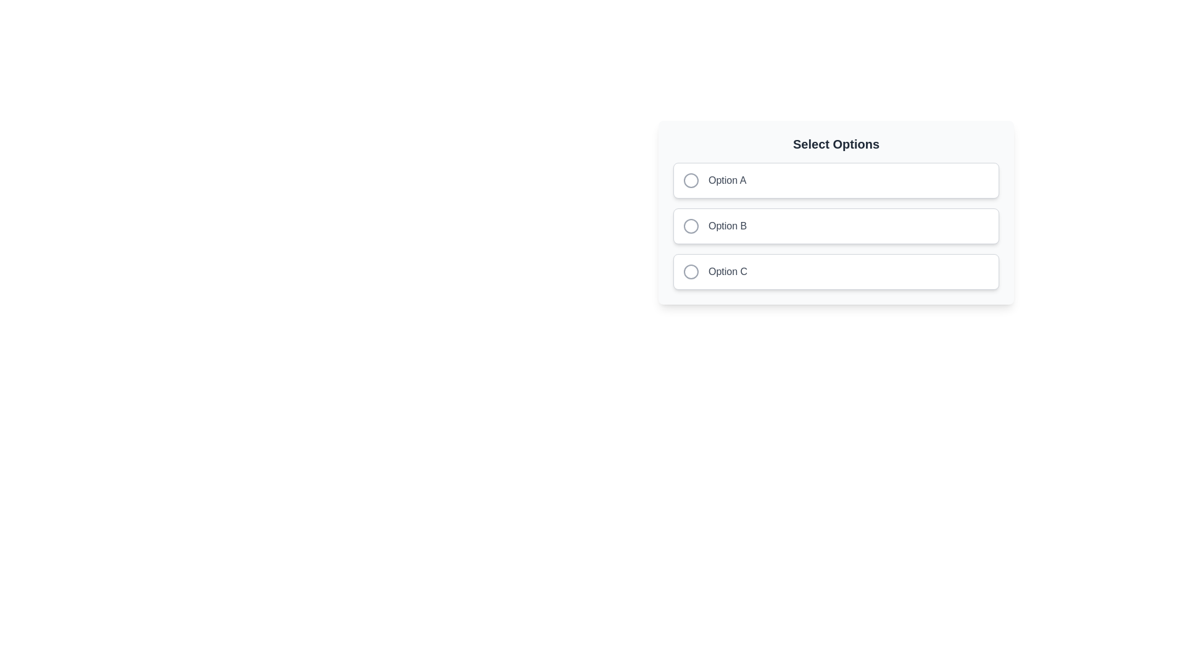 This screenshot has height=666, width=1185. What do you see at coordinates (690, 271) in the screenshot?
I see `the radio button located to the immediate left of the 'Option C' text` at bounding box center [690, 271].